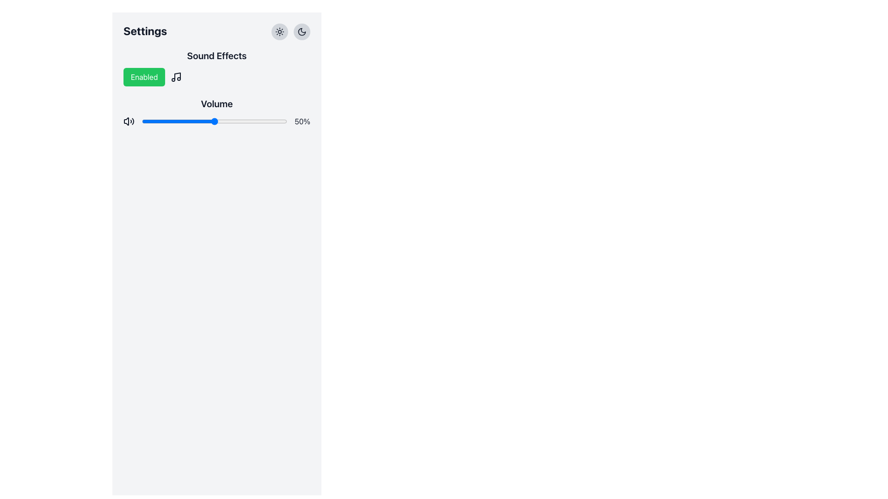 The image size is (888, 499). I want to click on the dark mode icon, which is a small circular crescent moon icon, located within a light-gray circular button at the top-right of the Settings interface, so click(302, 31).